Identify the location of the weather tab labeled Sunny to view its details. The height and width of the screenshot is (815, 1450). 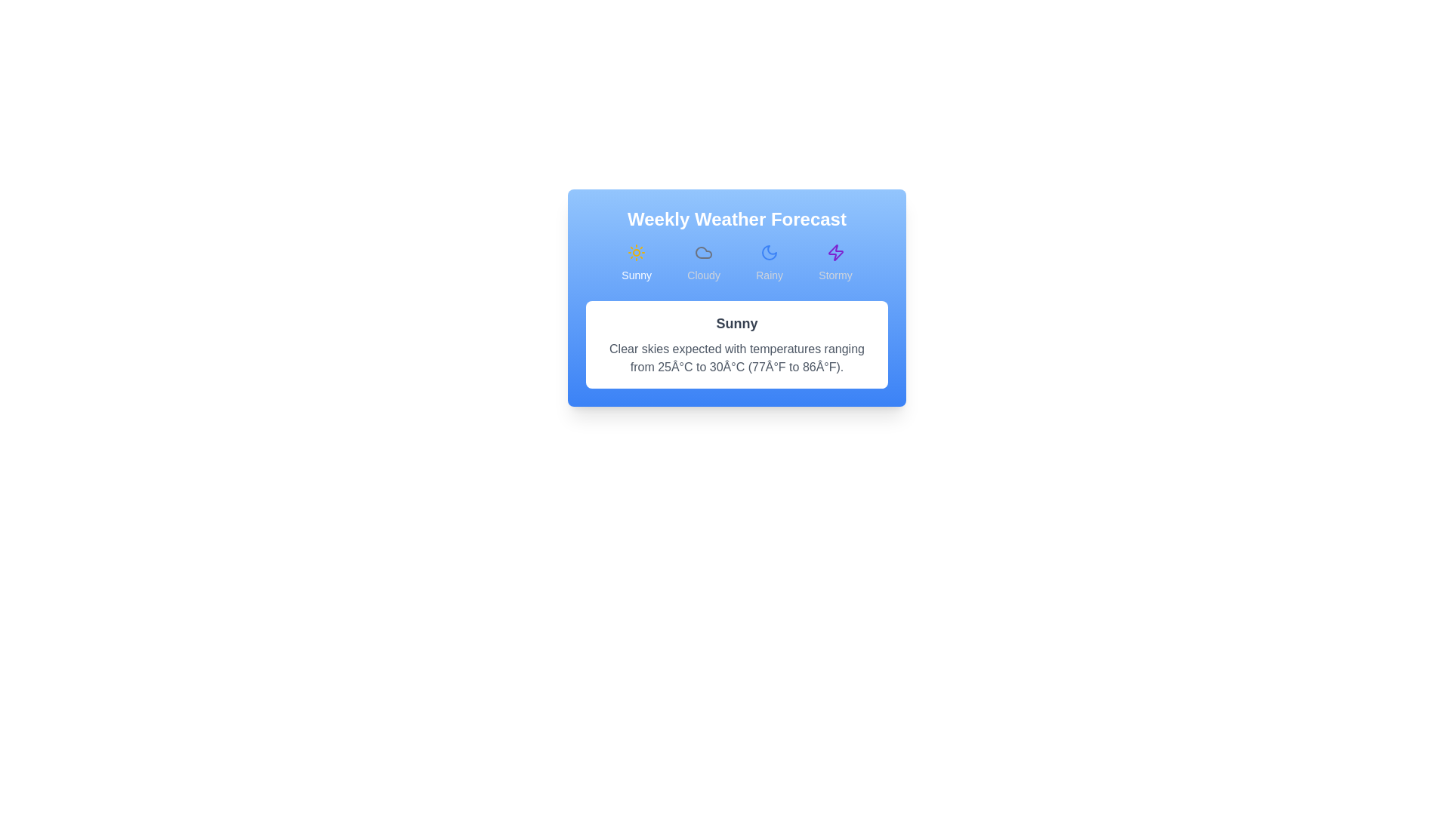
(637, 262).